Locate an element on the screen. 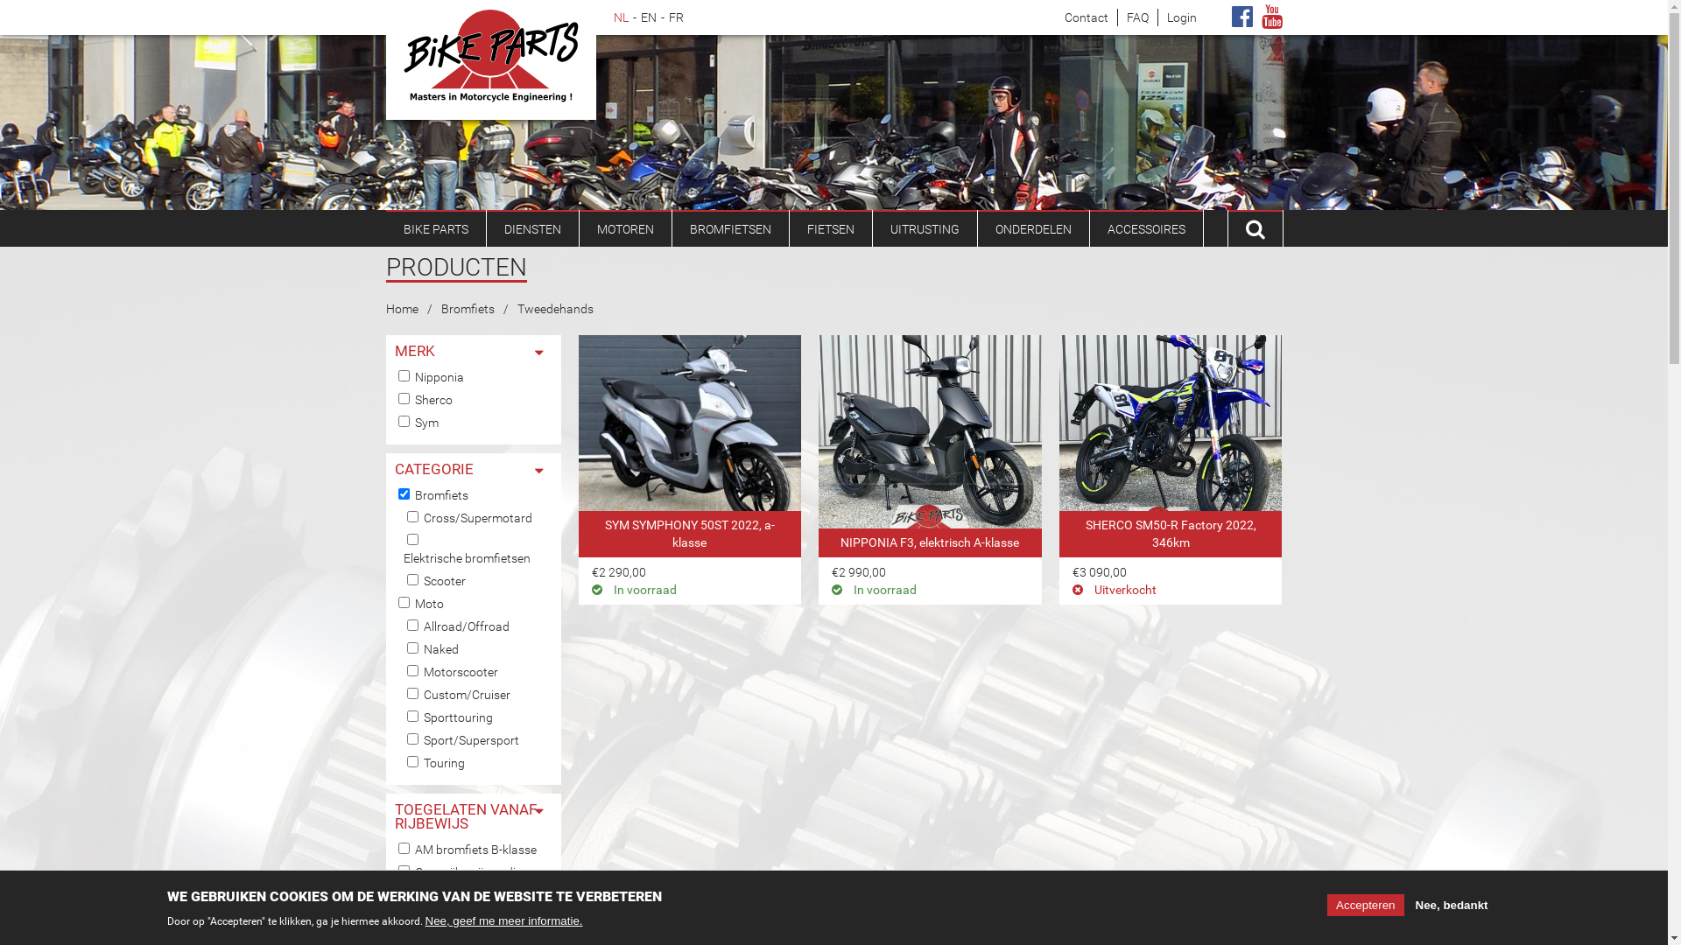 The image size is (1681, 945). 'Login' is located at coordinates (1180, 17).